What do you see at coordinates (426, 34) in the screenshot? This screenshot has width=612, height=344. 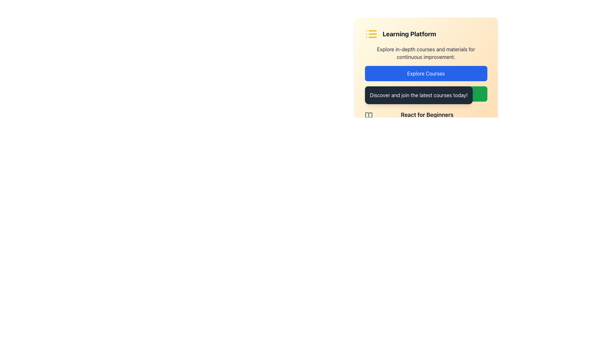 I see `the 'Learning Platform' heading located at the top left of the card-like section` at bounding box center [426, 34].